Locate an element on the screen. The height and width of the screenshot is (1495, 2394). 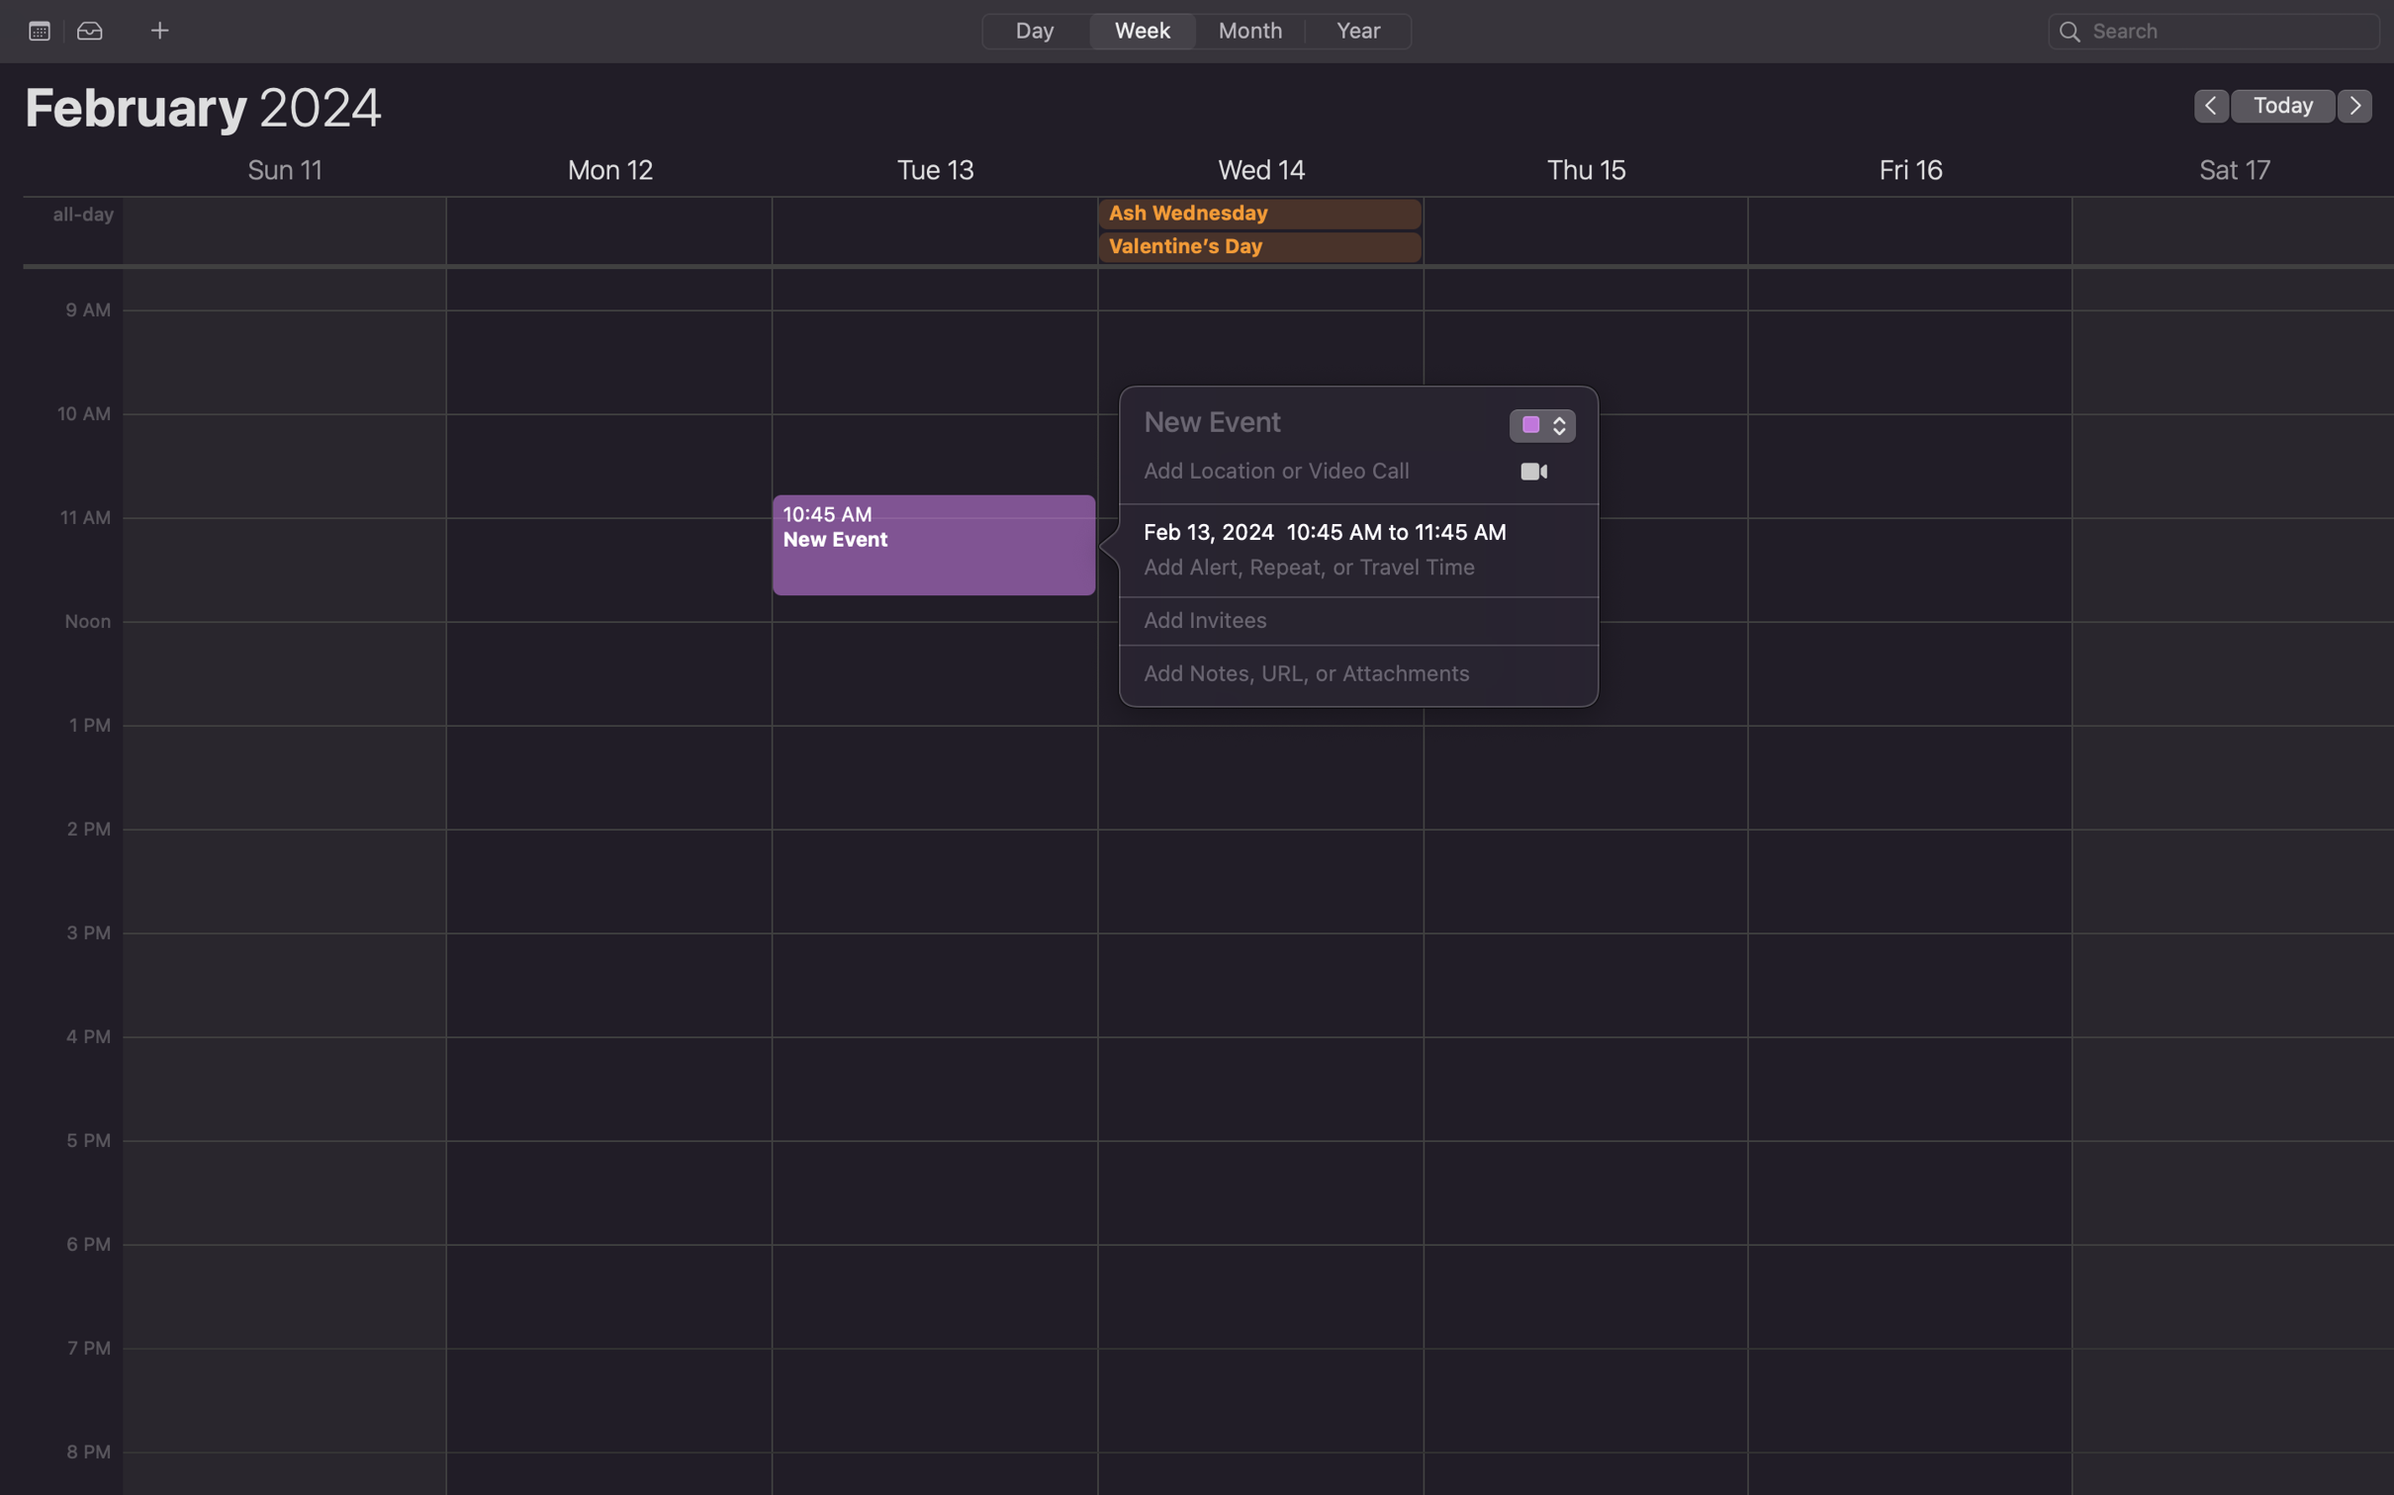
Schedule a session labeled "Meeting with Alex is located at coordinates (1310, 420).